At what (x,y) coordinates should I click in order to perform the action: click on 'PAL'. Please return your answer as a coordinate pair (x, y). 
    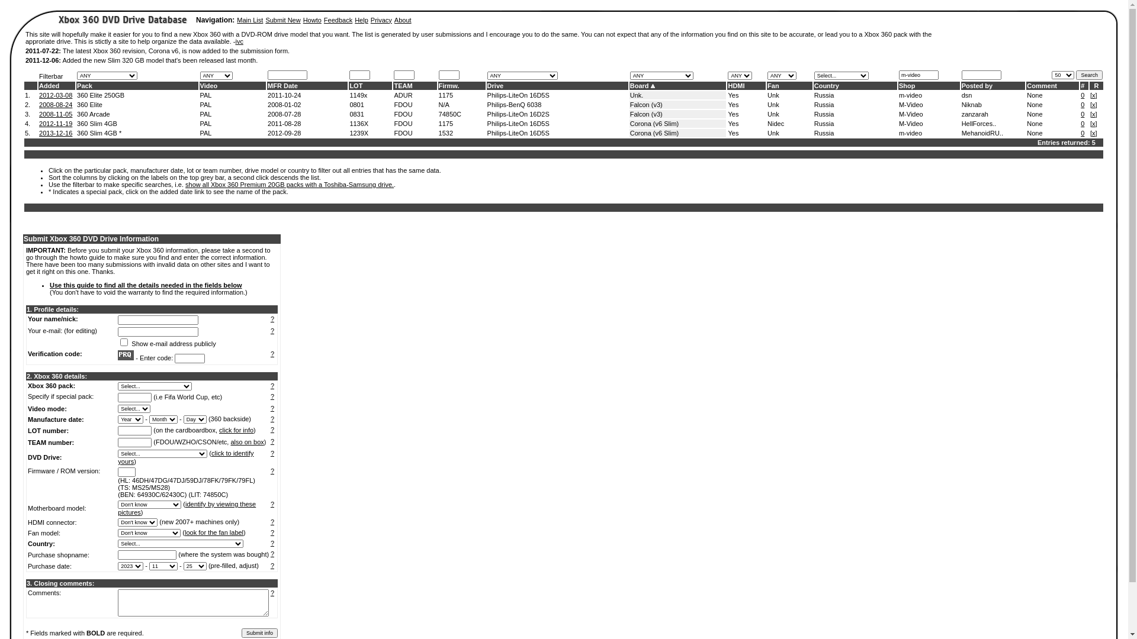
    Looking at the image, I should click on (206, 123).